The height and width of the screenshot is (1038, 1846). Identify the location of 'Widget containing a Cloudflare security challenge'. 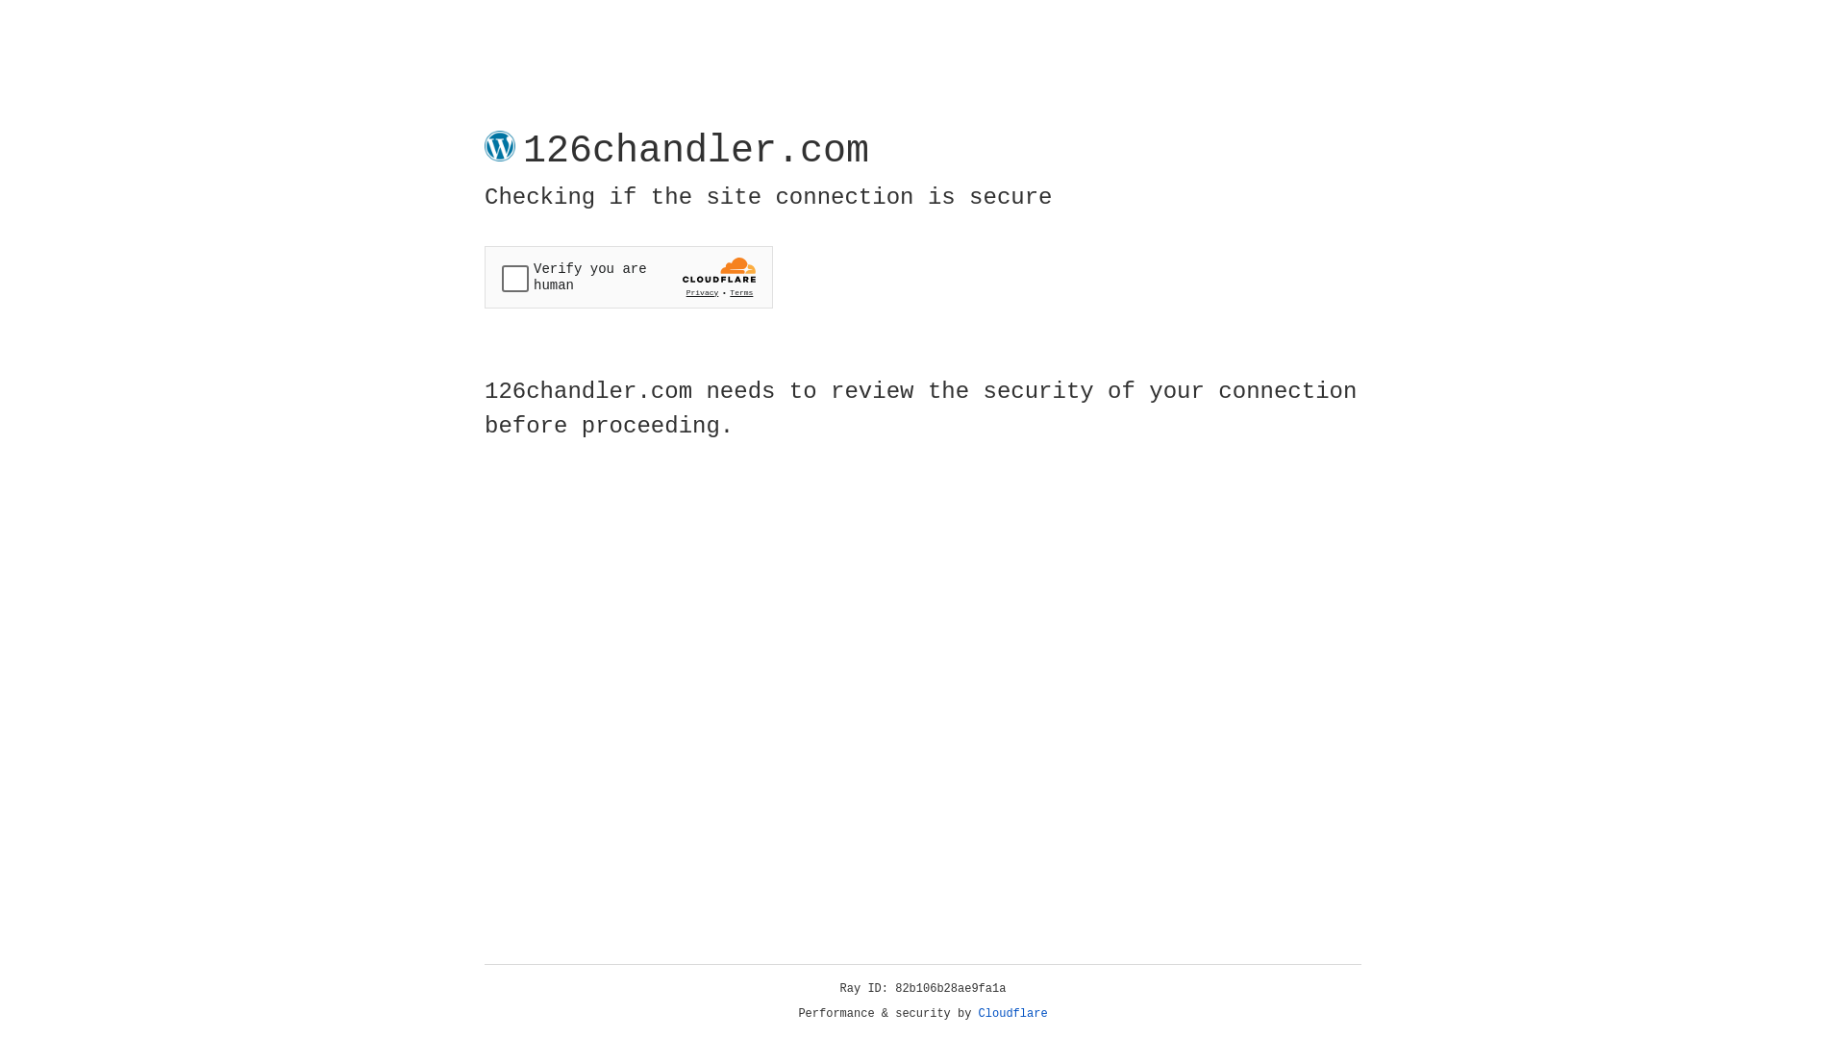
(628, 277).